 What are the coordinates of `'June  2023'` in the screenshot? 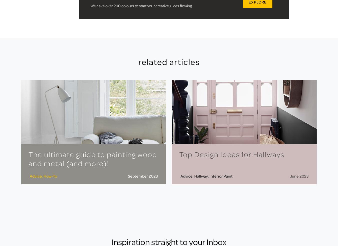 It's located at (299, 176).